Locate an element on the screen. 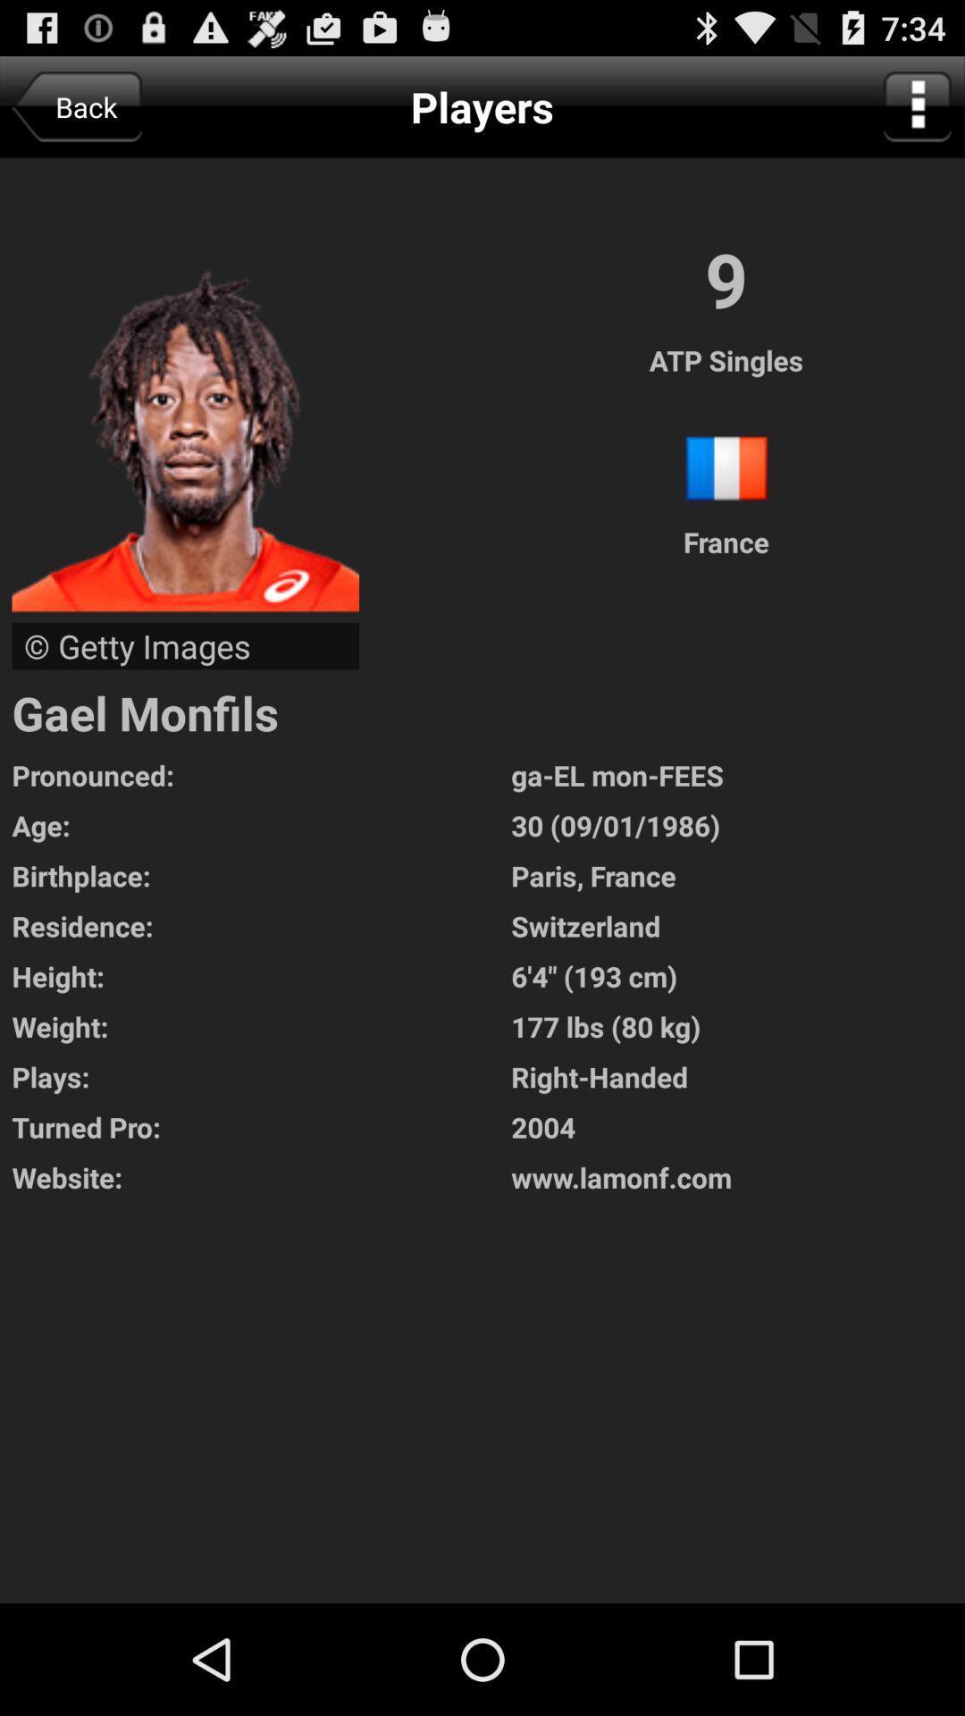 The image size is (965, 1716). height: is located at coordinates (261, 975).